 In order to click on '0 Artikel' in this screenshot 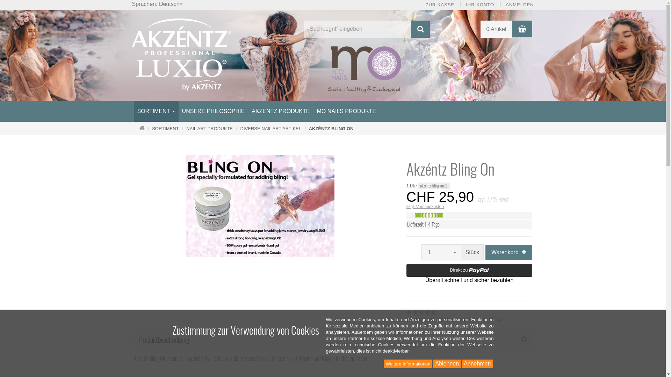, I will do `click(496, 29)`.